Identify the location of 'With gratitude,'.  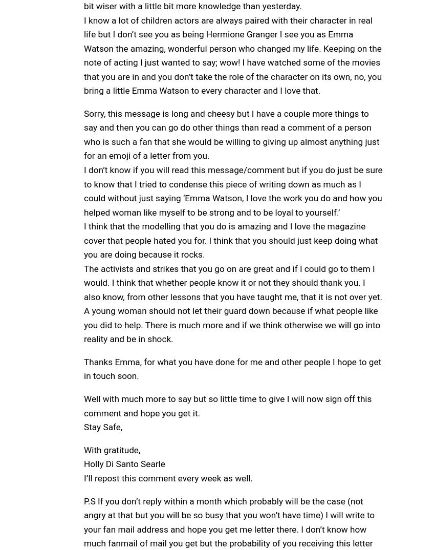
(112, 449).